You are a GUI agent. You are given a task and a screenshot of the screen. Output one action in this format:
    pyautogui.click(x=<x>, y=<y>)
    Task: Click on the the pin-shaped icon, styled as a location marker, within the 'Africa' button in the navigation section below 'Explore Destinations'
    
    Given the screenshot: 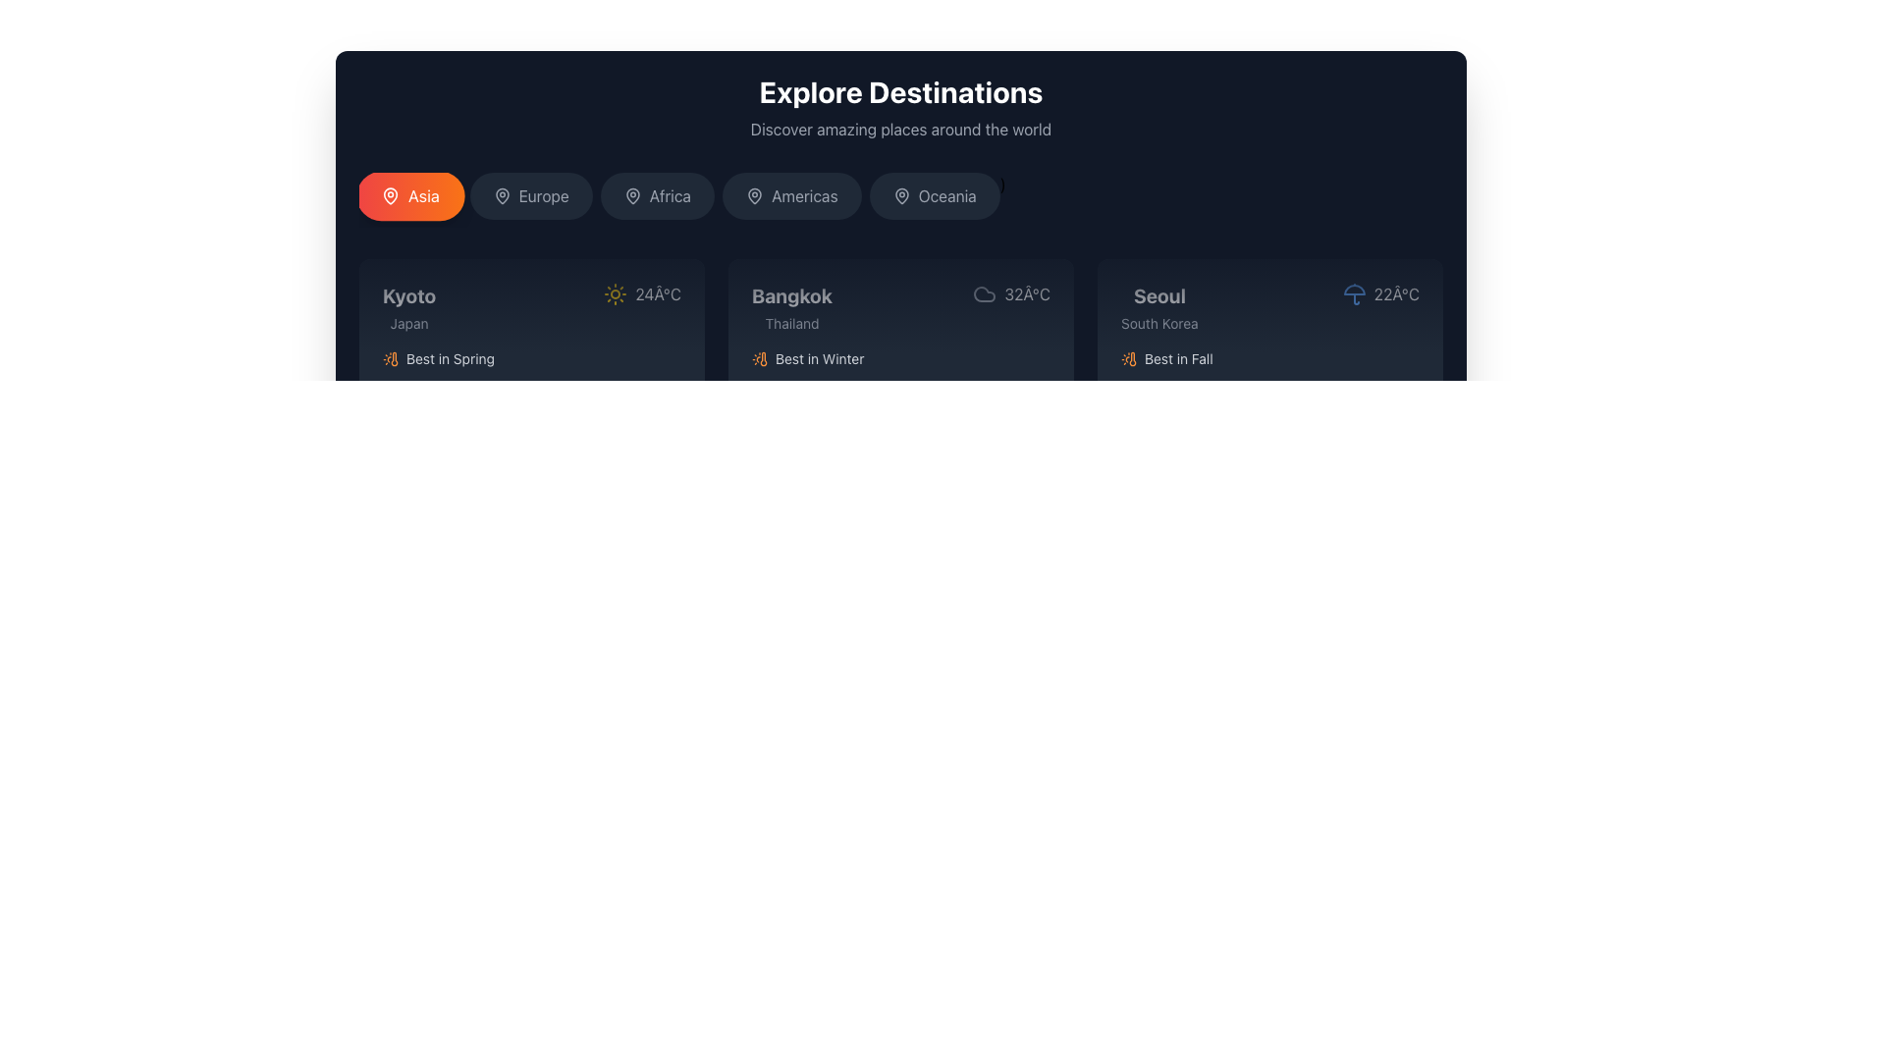 What is the action you would take?
    pyautogui.click(x=632, y=196)
    